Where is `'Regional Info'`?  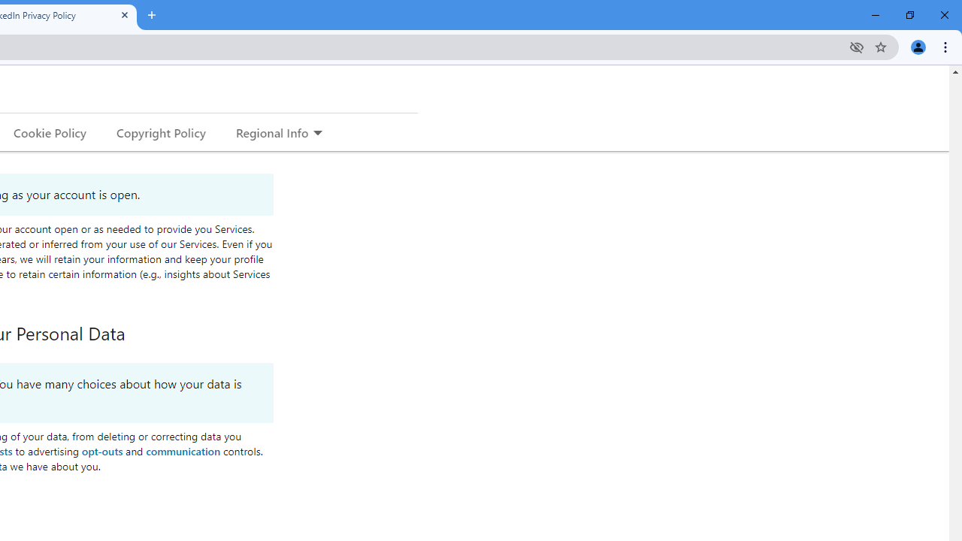 'Regional Info' is located at coordinates (272, 131).